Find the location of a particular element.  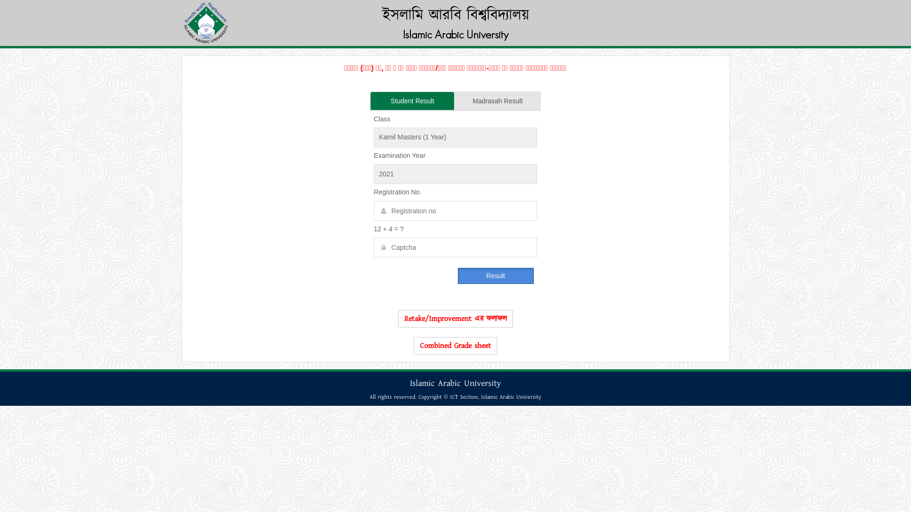

'Combined Grade sheet' is located at coordinates (455, 346).